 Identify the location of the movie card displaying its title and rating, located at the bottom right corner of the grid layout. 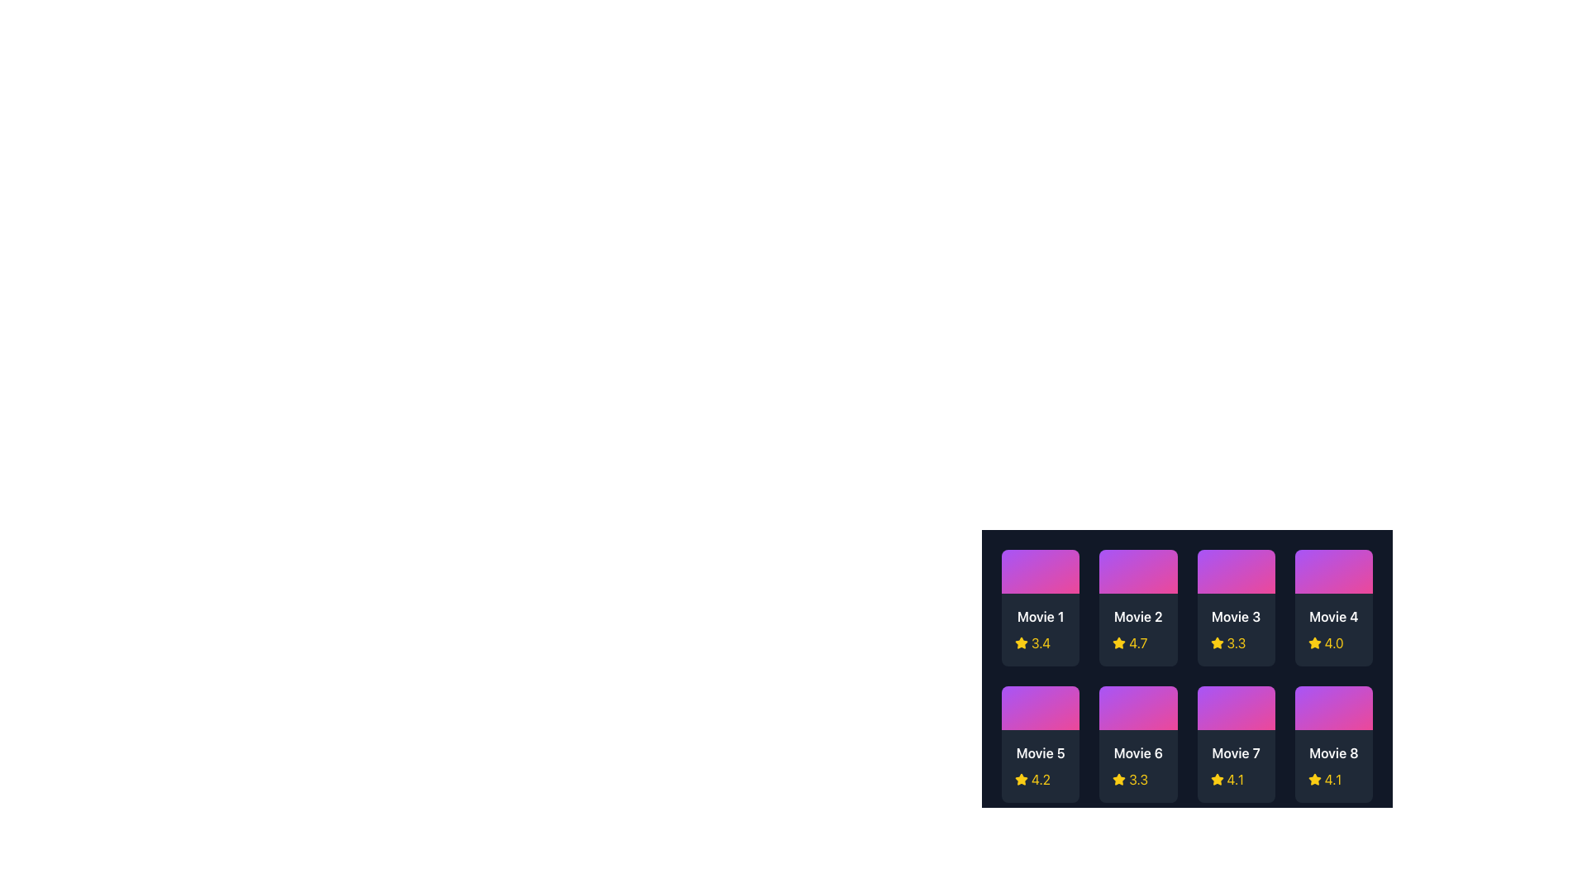
(1333, 744).